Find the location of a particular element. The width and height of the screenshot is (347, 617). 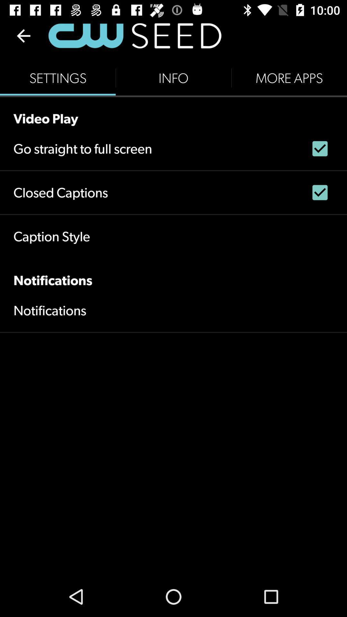

the icon next to settings icon is located at coordinates (173, 78).